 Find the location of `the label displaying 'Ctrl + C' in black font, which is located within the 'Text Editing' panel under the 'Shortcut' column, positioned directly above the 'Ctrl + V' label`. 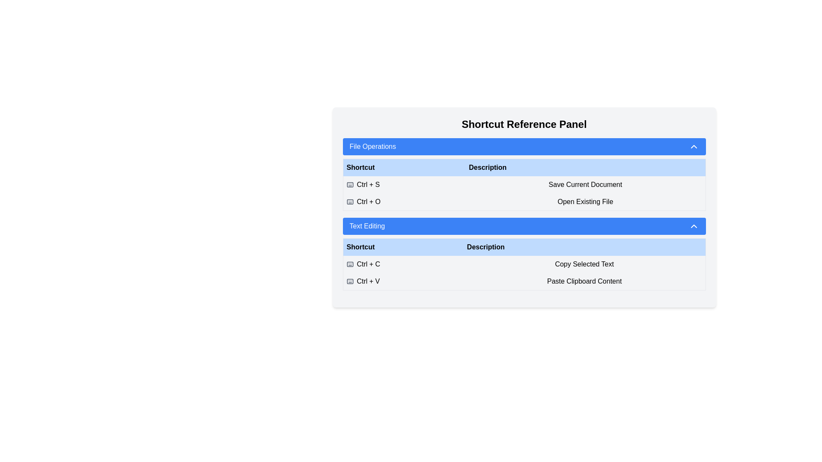

the label displaying 'Ctrl + C' in black font, which is located within the 'Text Editing' panel under the 'Shortcut' column, positioned directly above the 'Ctrl + V' label is located at coordinates (368, 264).